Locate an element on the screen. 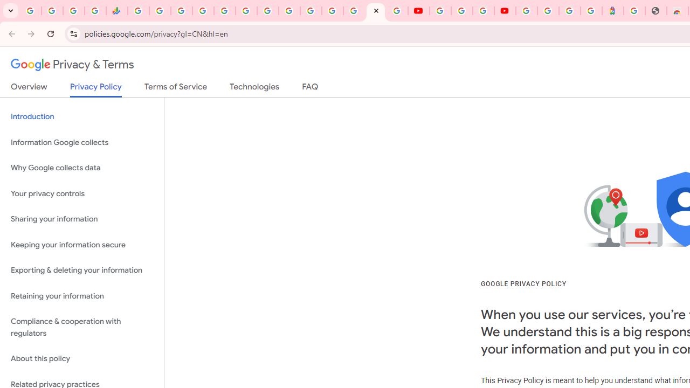 This screenshot has height=388, width=690. 'Terms of Service' is located at coordinates (176, 88).